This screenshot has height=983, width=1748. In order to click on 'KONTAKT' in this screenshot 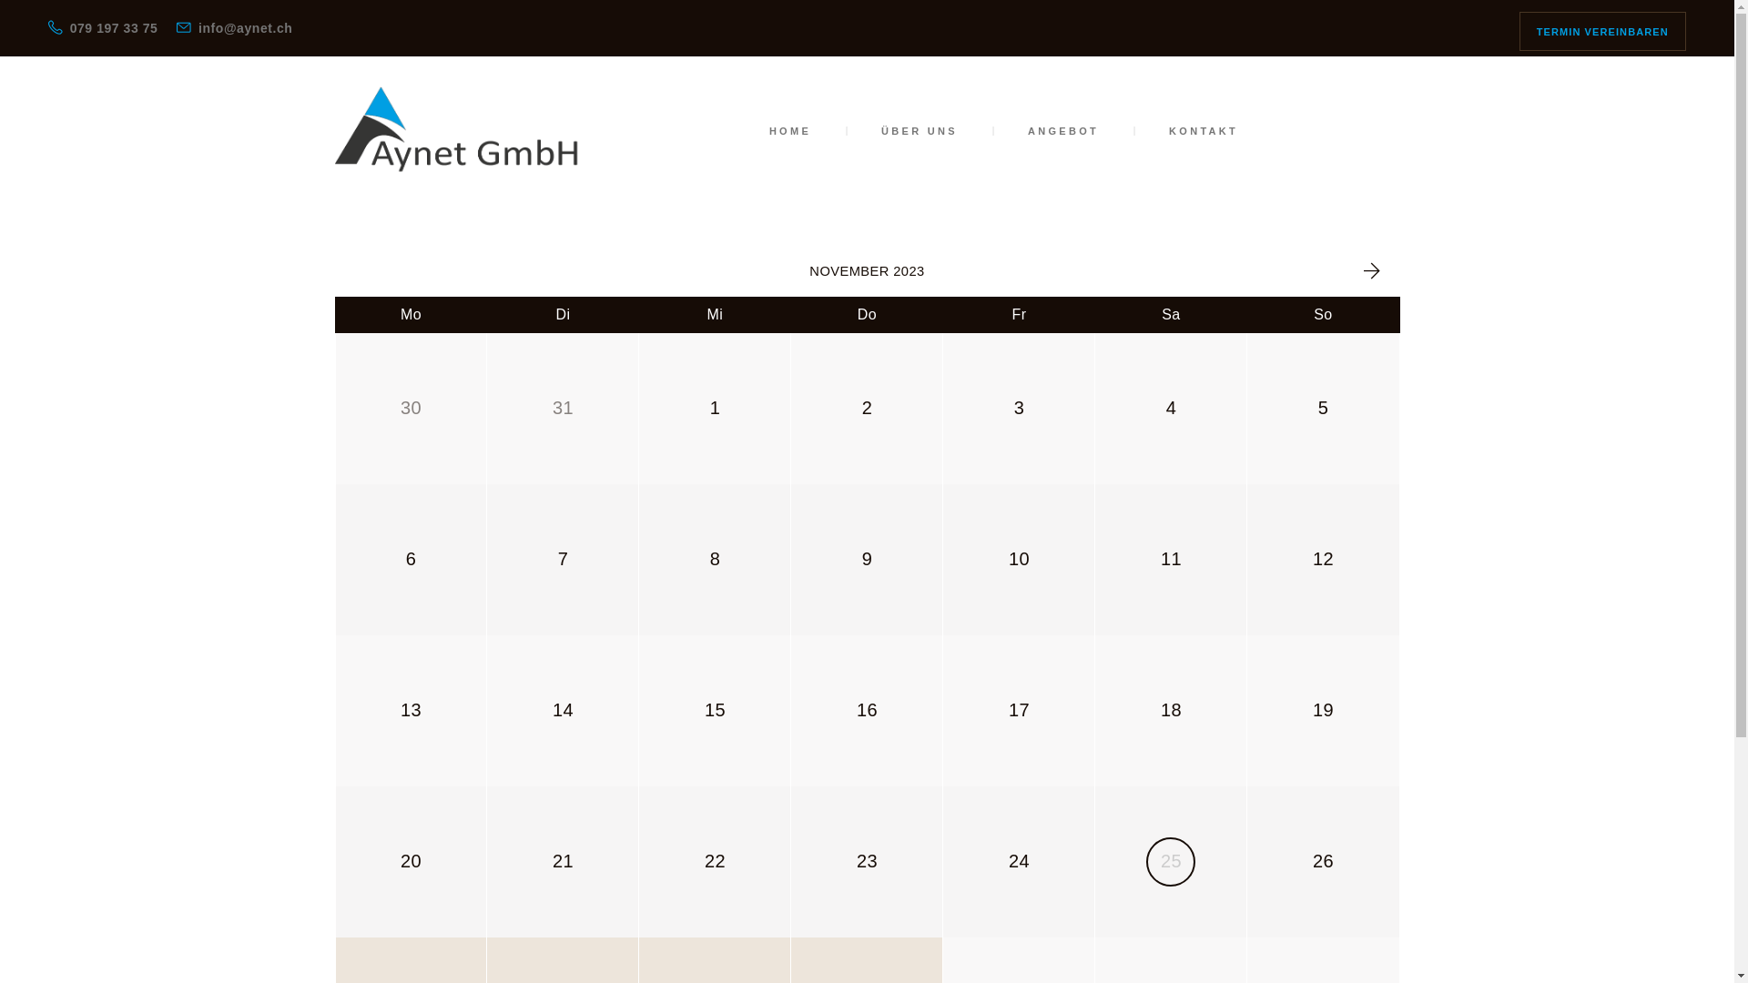, I will do `click(1204, 129)`.